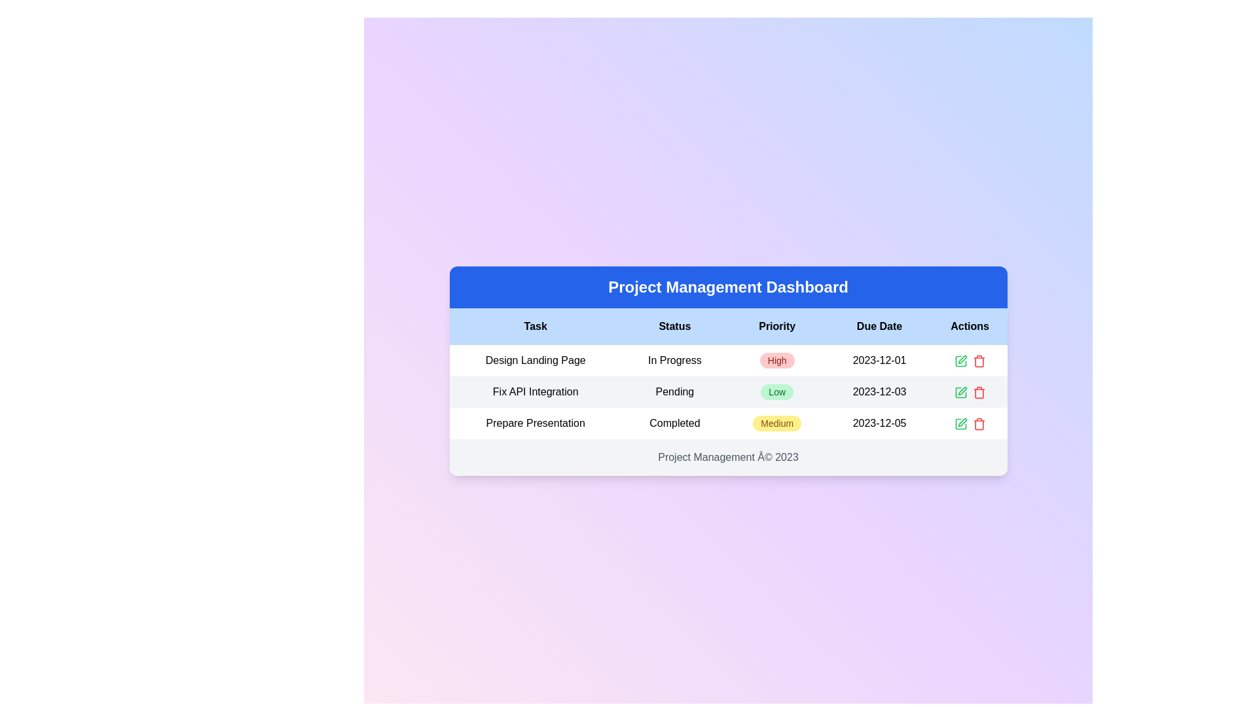 The height and width of the screenshot is (707, 1257). I want to click on the rounded rectangular badge labeled 'High' with a light red background and dark red text in the 'Priority' column of the 'Design Landing Page' task on the 'Project Management Dashboard', so click(777, 361).